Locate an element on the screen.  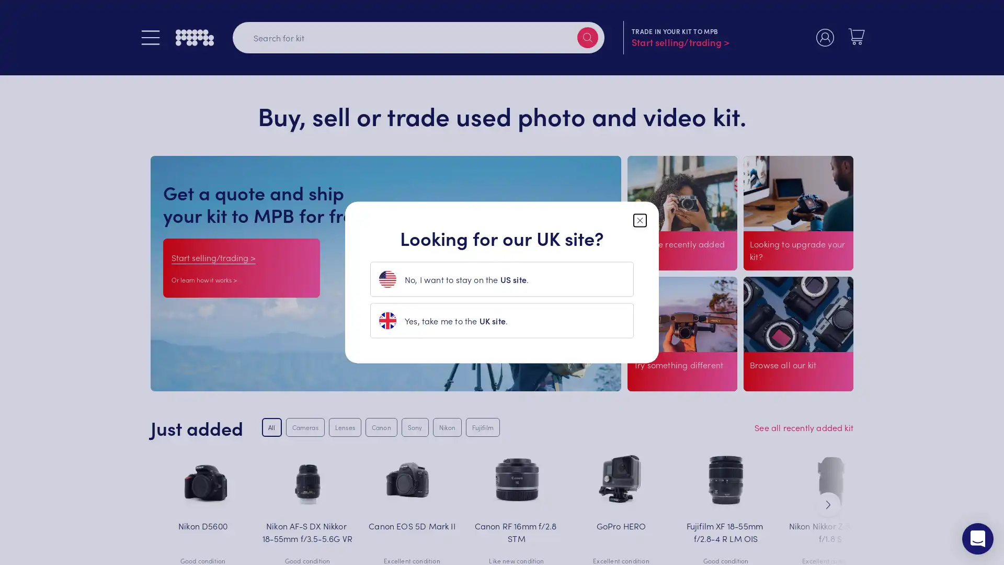
View kit guides is located at coordinates (663, 380).